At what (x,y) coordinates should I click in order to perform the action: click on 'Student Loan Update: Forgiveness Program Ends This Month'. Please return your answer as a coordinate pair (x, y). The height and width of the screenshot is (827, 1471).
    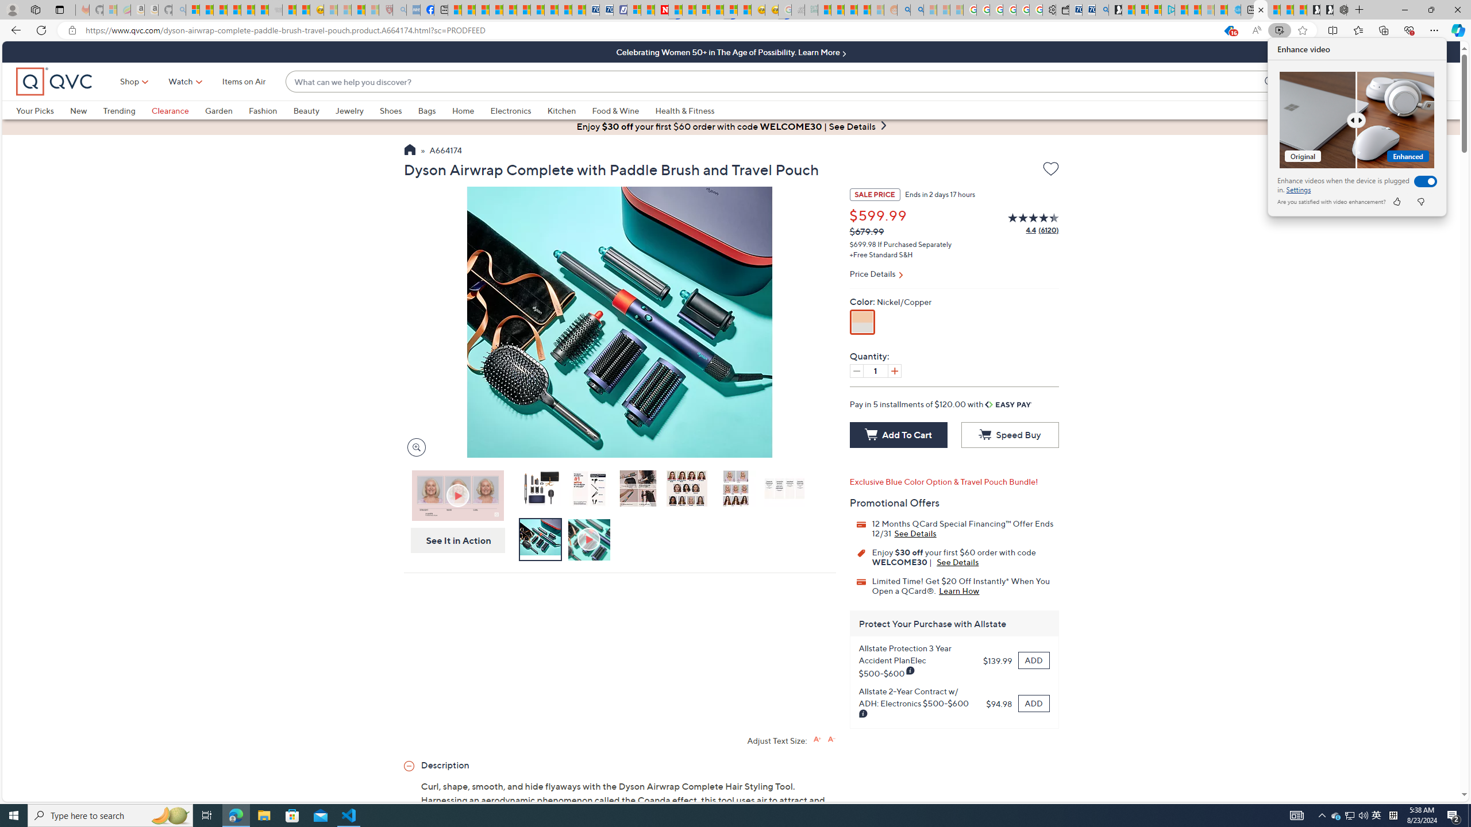
    Looking at the image, I should click on (864, 9).